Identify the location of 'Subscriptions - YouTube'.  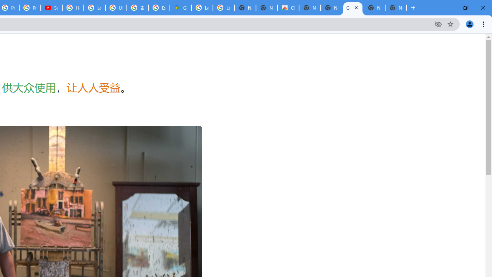
(51, 8).